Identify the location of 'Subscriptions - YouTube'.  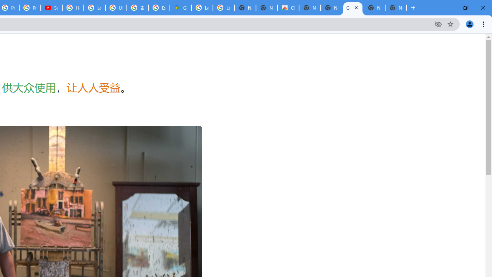
(51, 8).